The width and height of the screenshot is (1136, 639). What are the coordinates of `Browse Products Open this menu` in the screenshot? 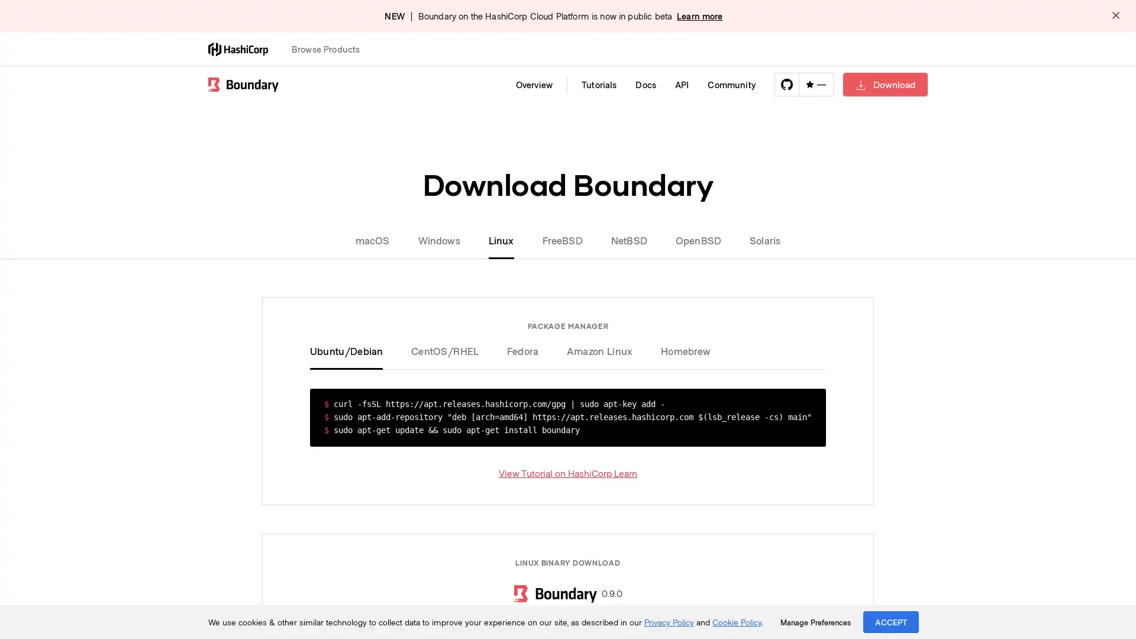 It's located at (331, 49).